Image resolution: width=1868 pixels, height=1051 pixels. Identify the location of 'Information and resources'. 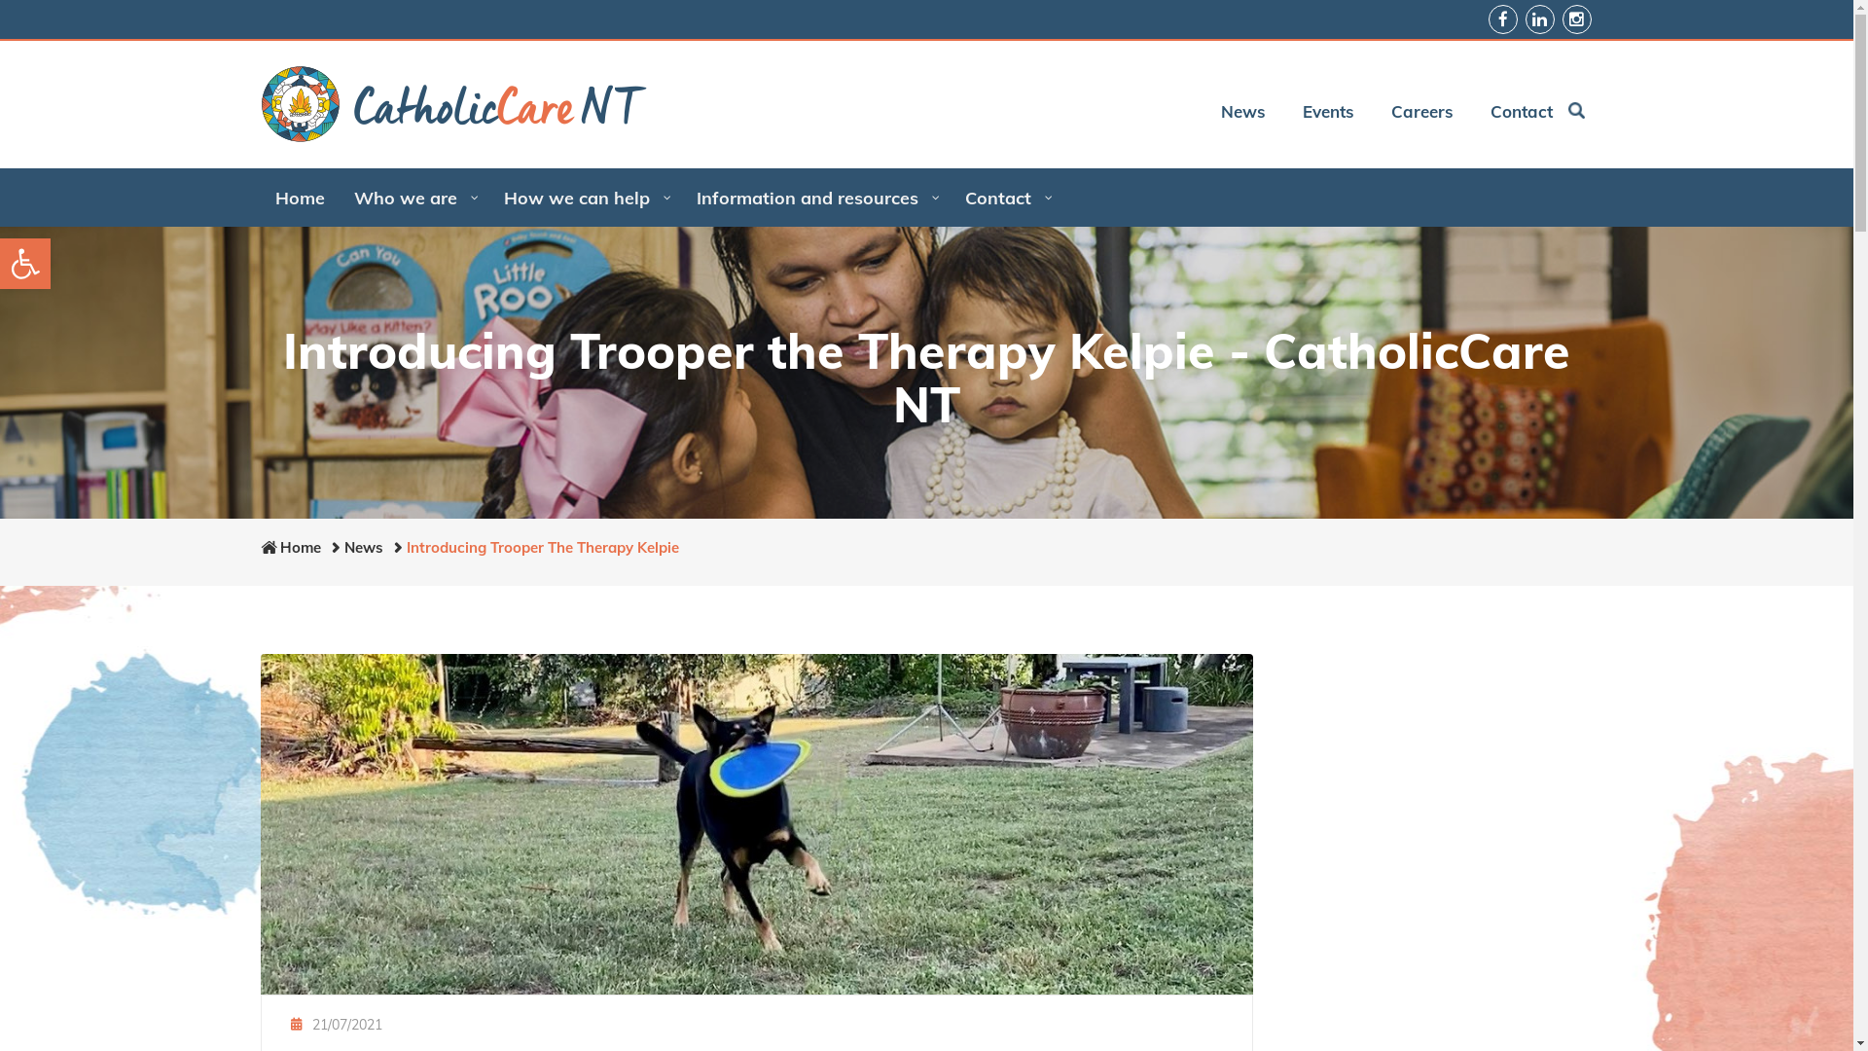
(815, 198).